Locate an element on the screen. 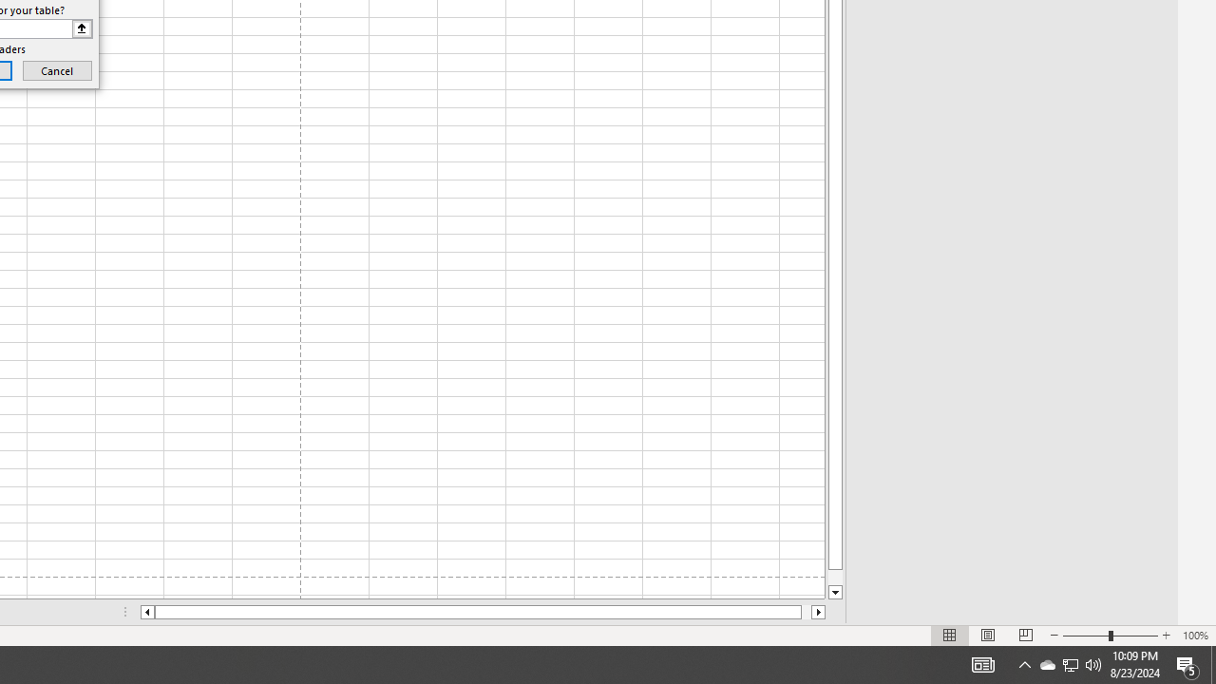 This screenshot has width=1216, height=684. 'Class: NetUIScrollBar' is located at coordinates (483, 612).